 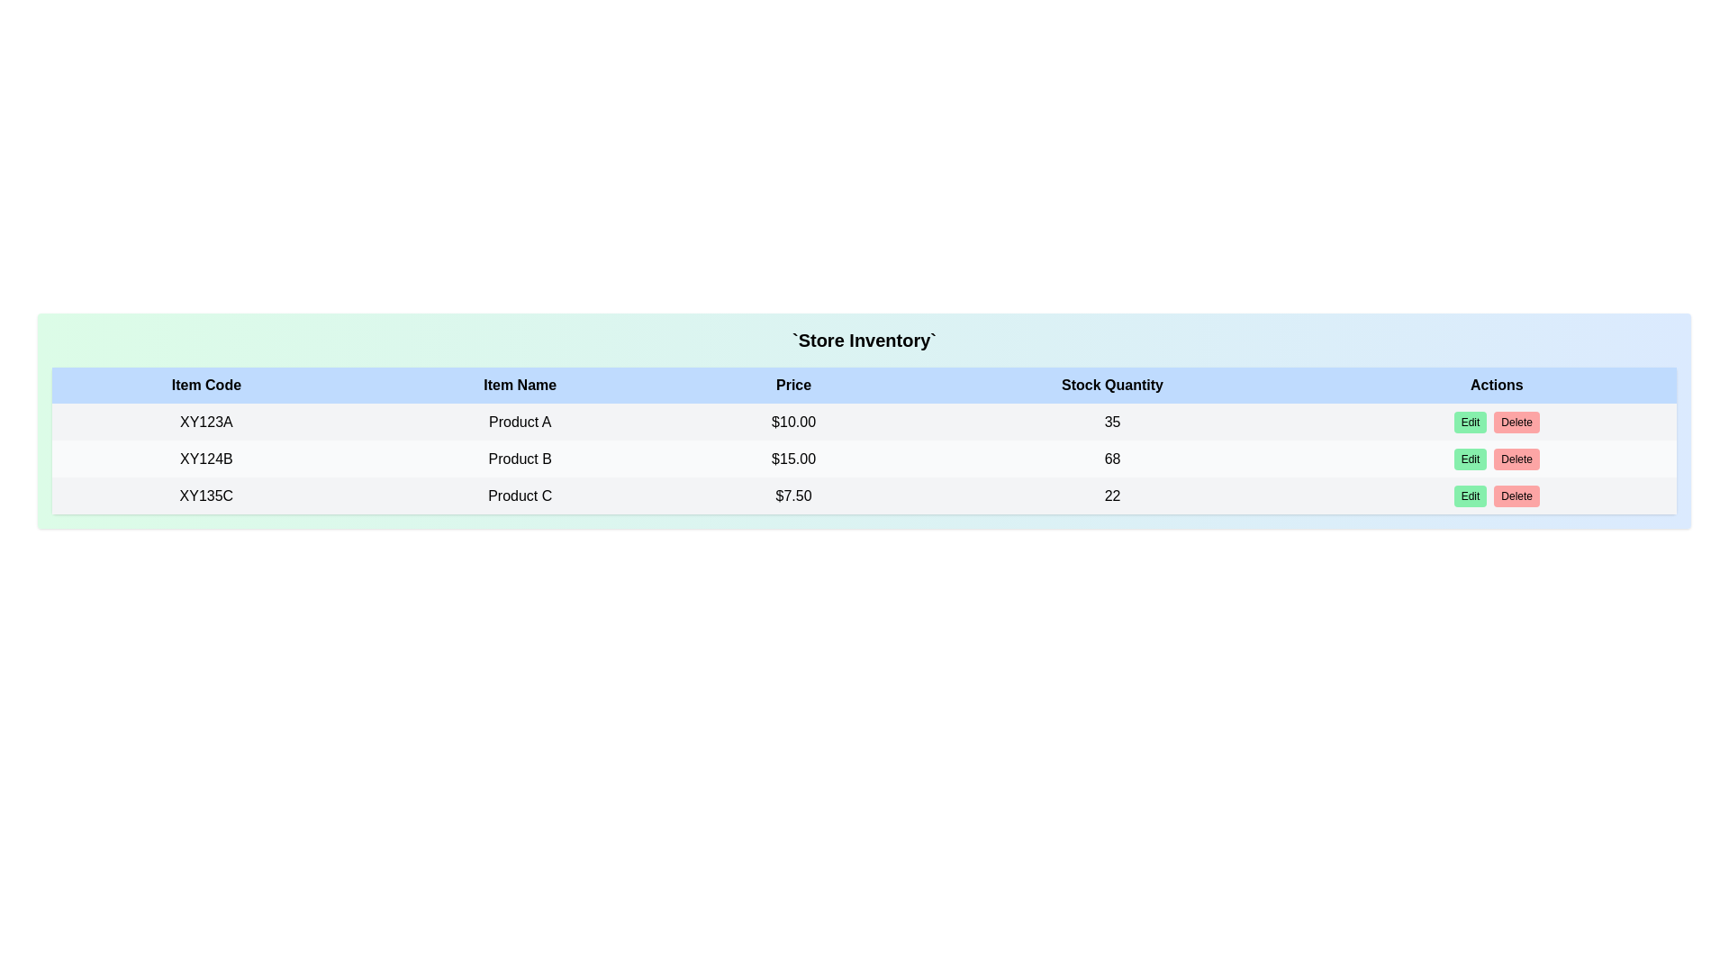 I want to click on the interactive buttons group, which contains 'Edit' and 'Delete' buttons styled as rounded rectangles, to activate hover effects, so click(x=1497, y=422).